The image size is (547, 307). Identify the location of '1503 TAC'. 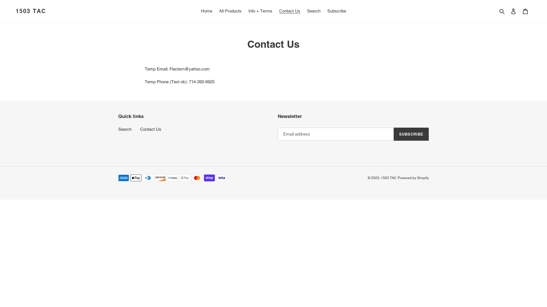
(388, 177).